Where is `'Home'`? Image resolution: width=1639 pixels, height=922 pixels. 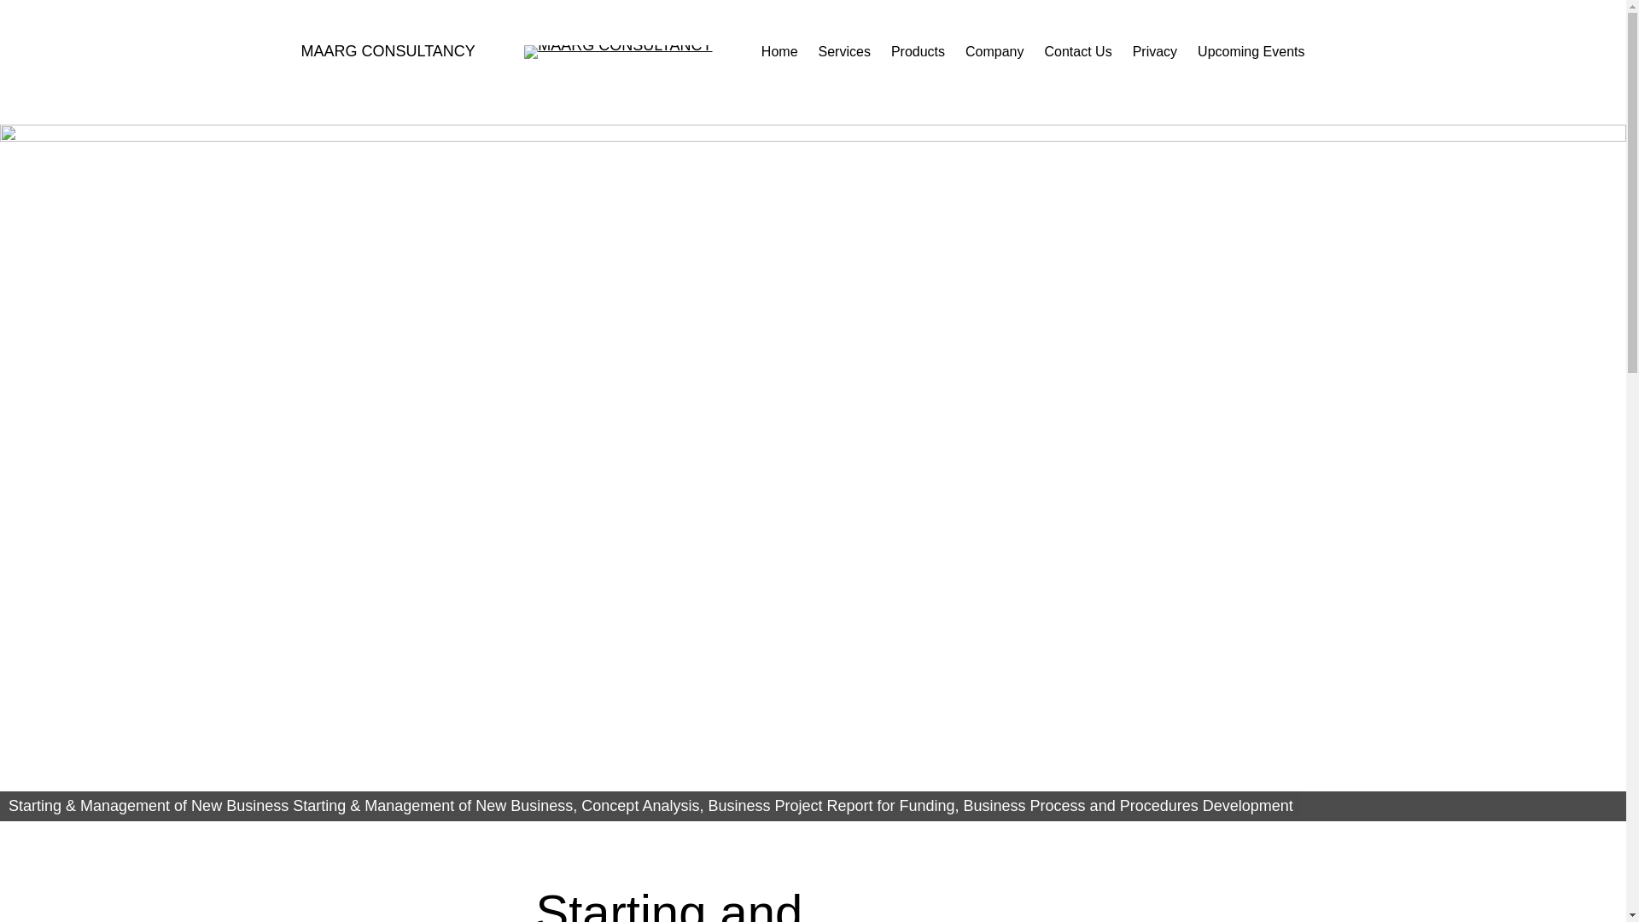 'Home' is located at coordinates (779, 51).